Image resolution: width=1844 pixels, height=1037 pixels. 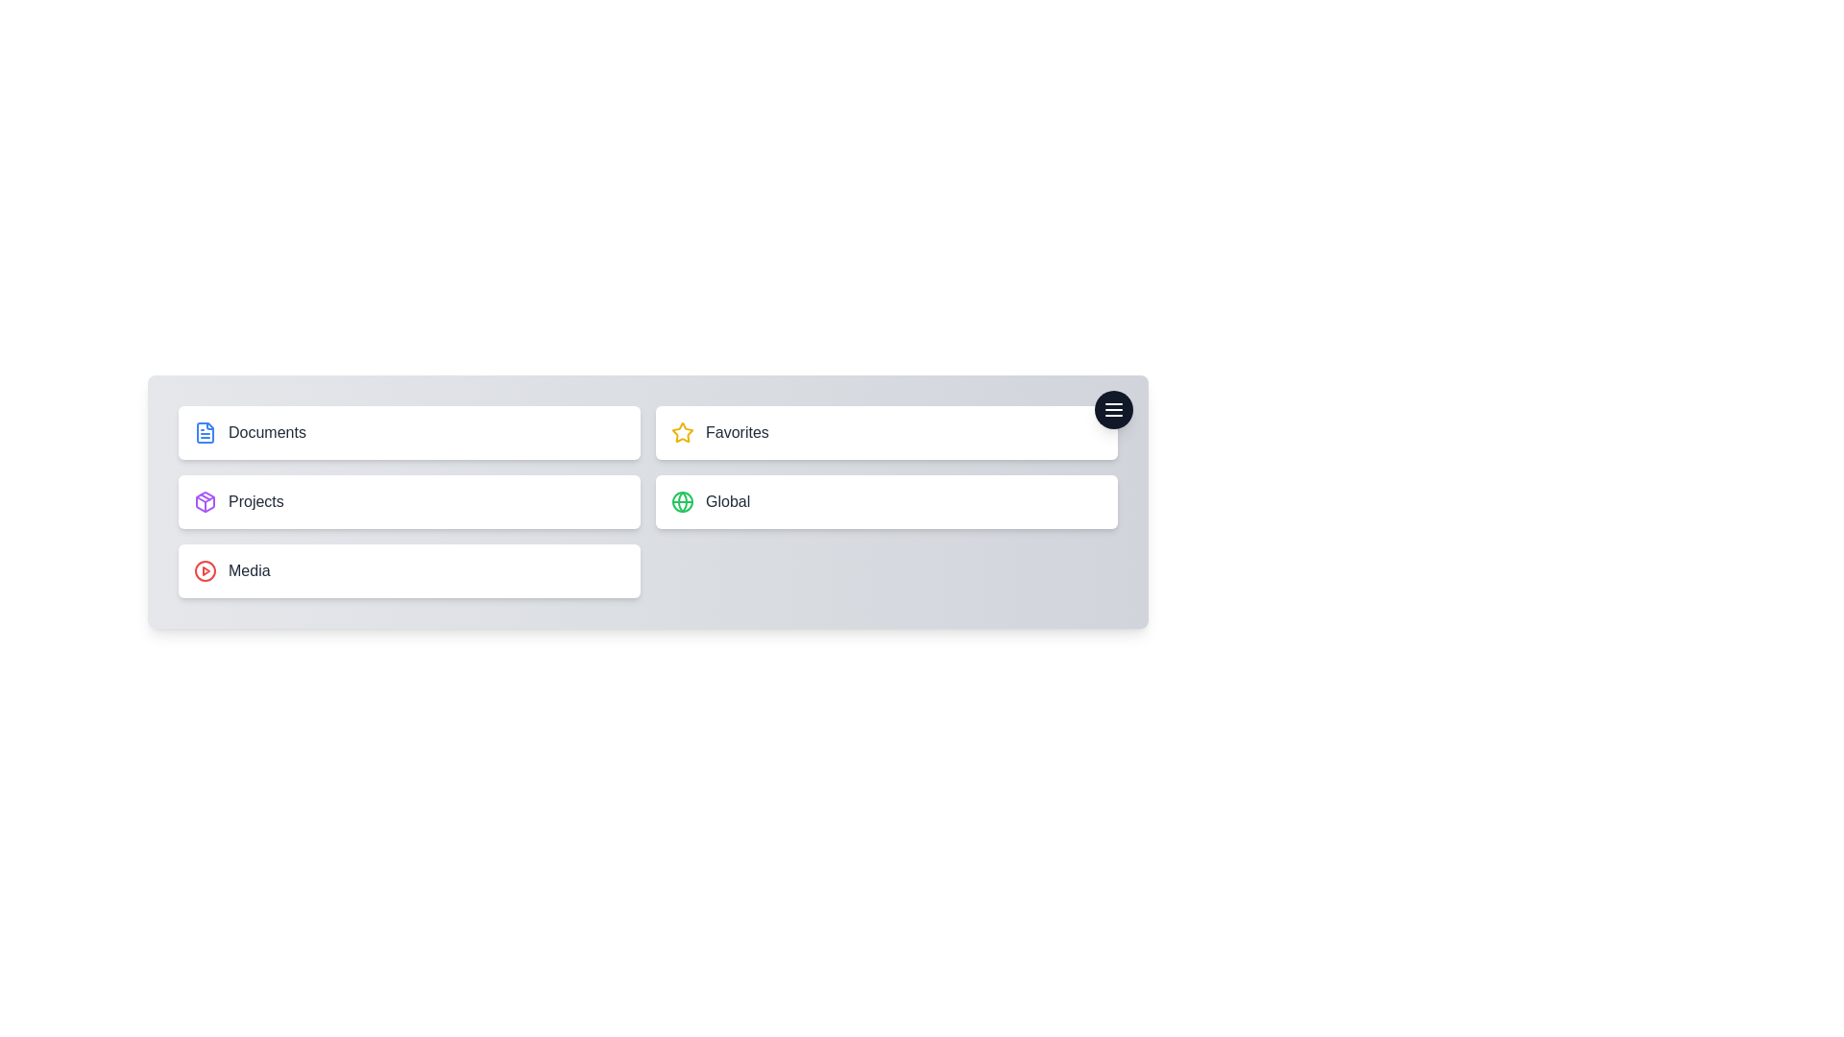 I want to click on the menu item labeled Projects to preview its effects, so click(x=408, y=501).